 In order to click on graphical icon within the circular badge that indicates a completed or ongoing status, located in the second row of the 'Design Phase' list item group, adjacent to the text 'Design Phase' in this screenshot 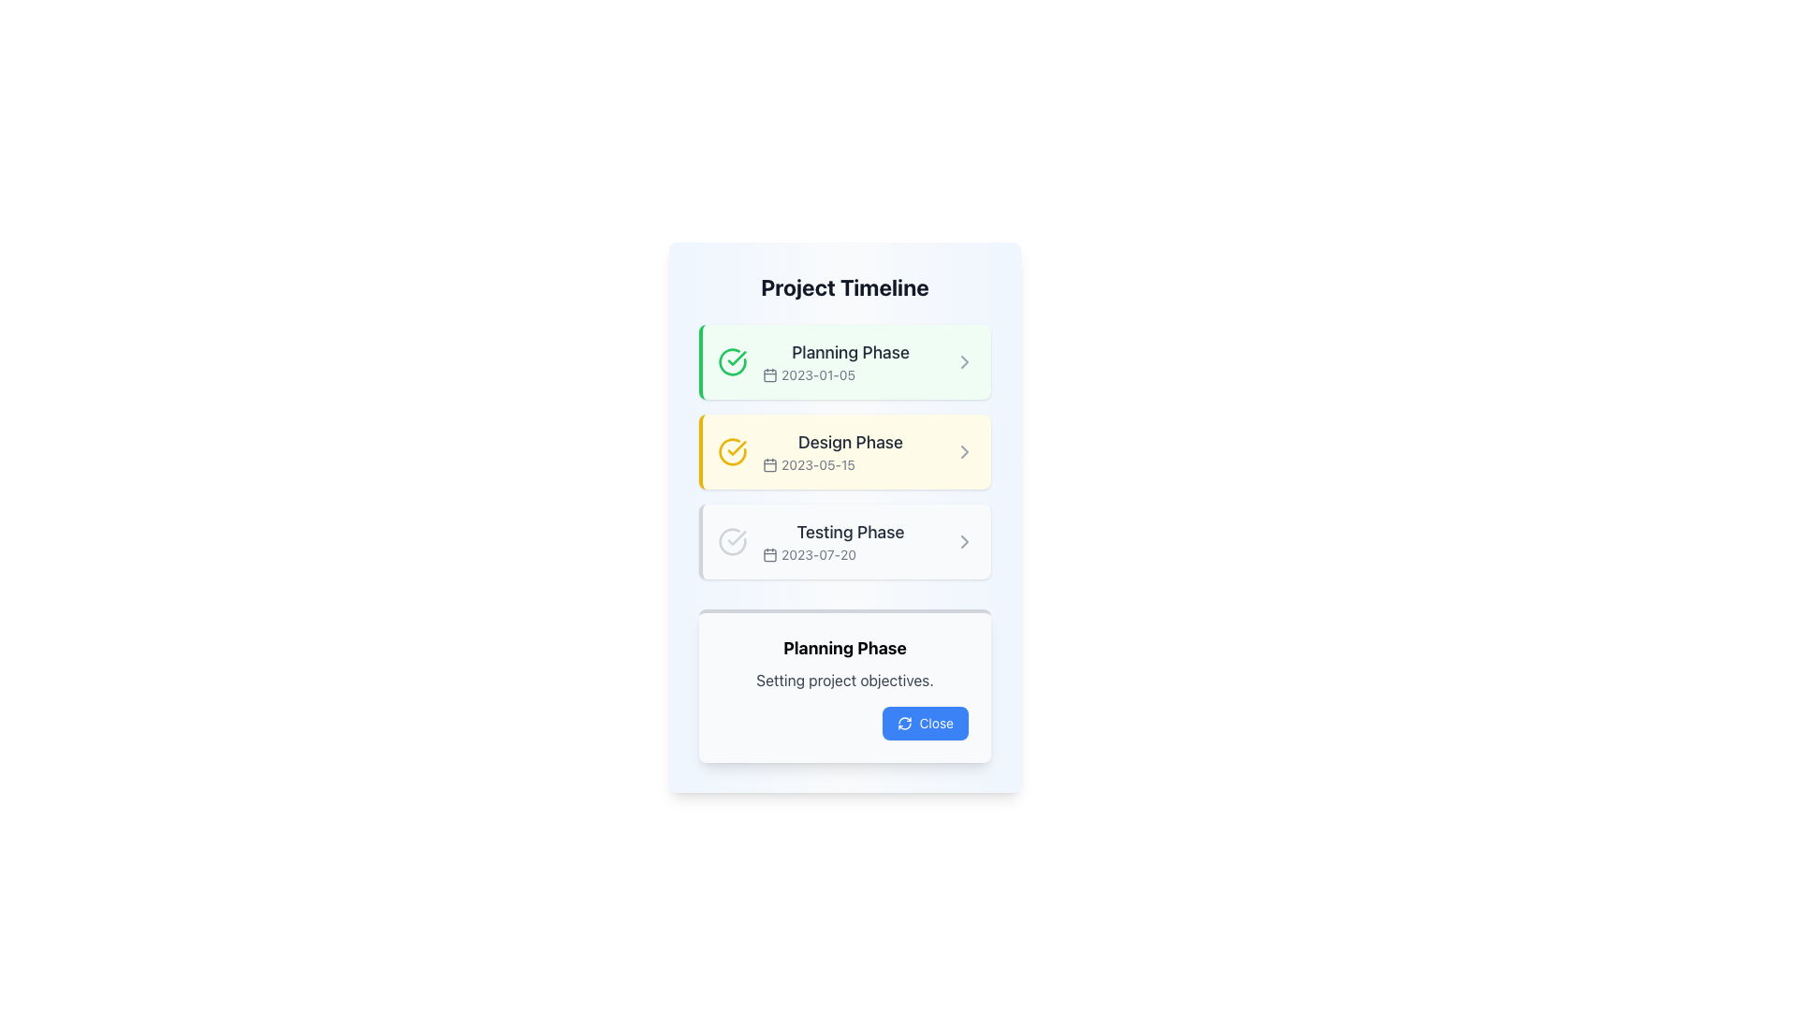, I will do `click(731, 451)`.